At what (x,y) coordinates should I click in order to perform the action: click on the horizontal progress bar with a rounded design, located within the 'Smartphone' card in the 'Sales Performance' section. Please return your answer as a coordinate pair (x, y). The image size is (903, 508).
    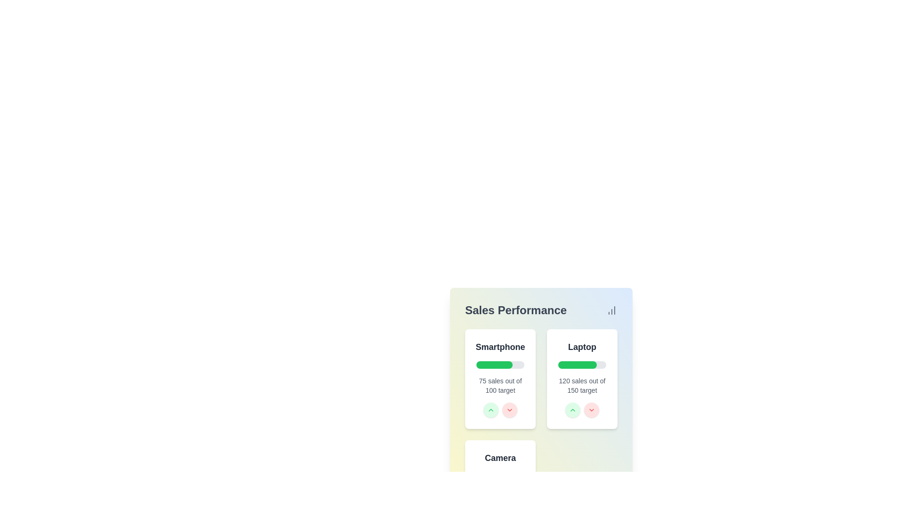
    Looking at the image, I should click on (500, 364).